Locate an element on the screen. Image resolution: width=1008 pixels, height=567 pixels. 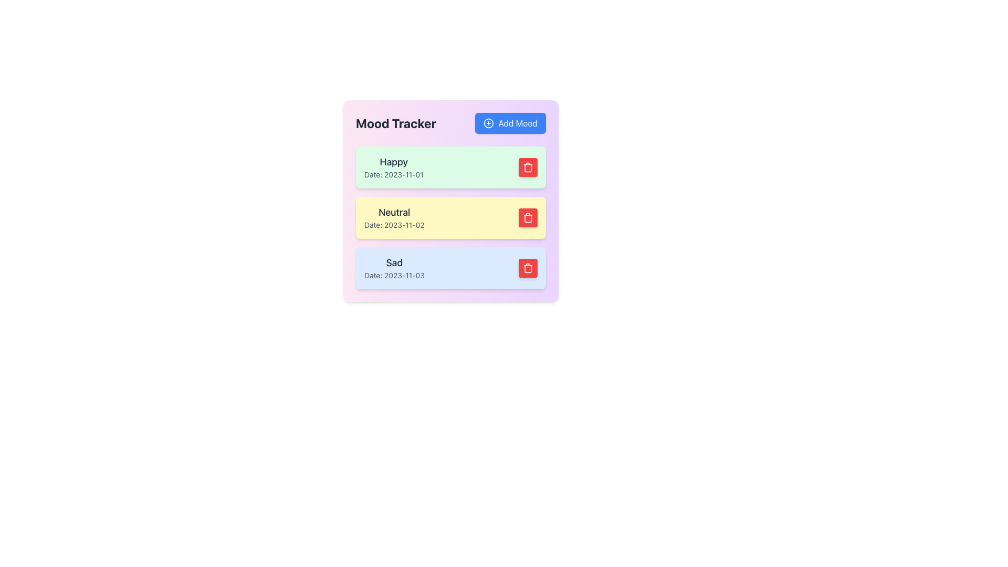
the delete button for the 'Sad' mood entry in the mood tracker list is located at coordinates (528, 267).